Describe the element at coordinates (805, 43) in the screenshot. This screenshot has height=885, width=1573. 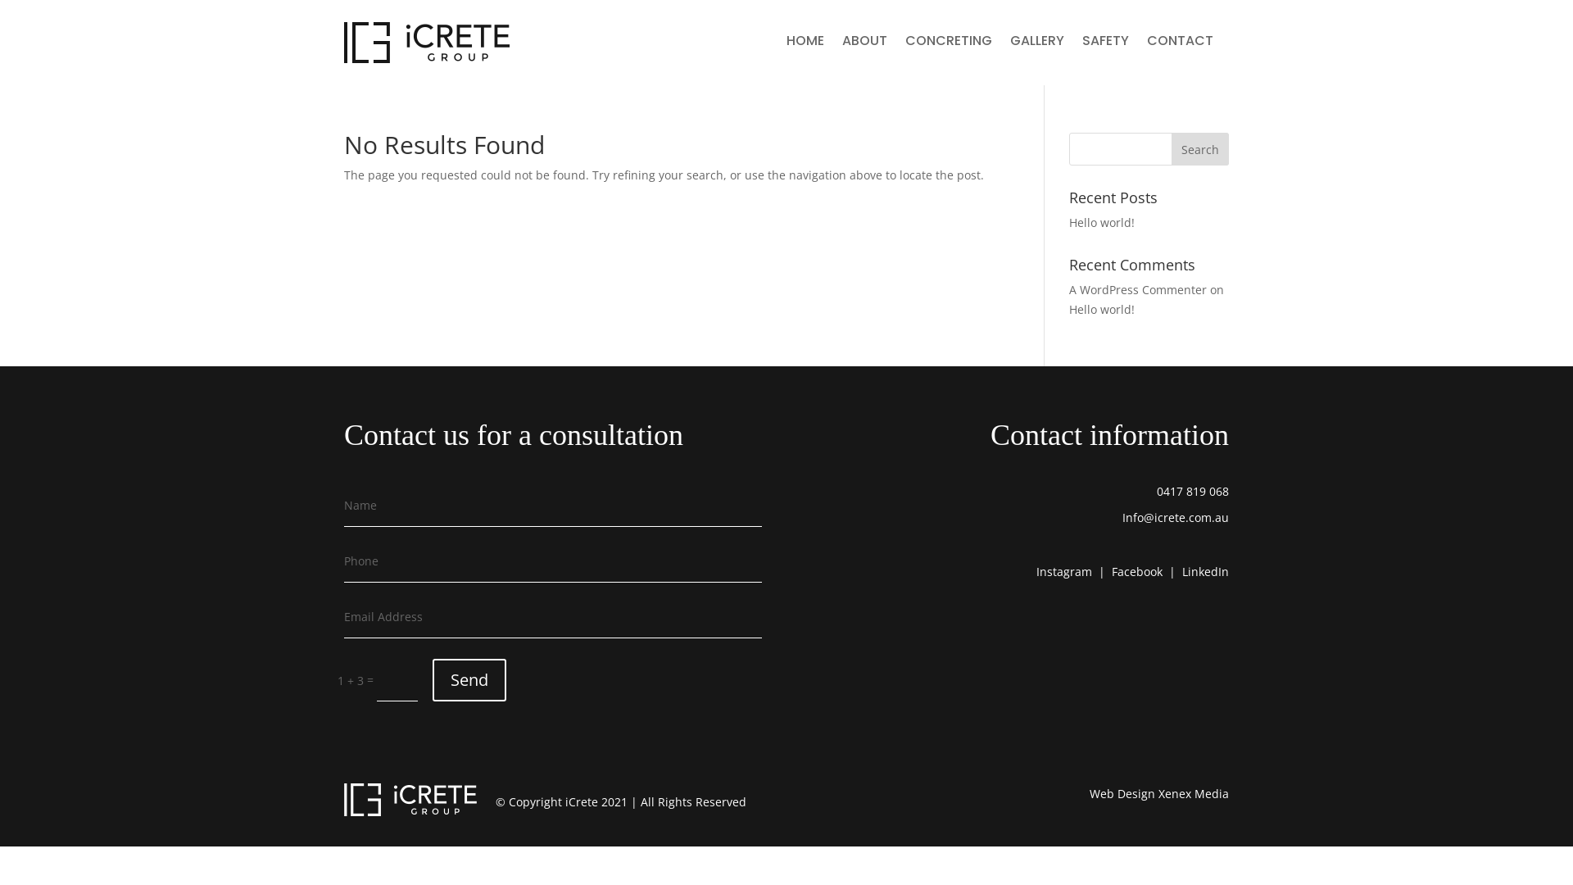
I see `'HOME'` at that location.